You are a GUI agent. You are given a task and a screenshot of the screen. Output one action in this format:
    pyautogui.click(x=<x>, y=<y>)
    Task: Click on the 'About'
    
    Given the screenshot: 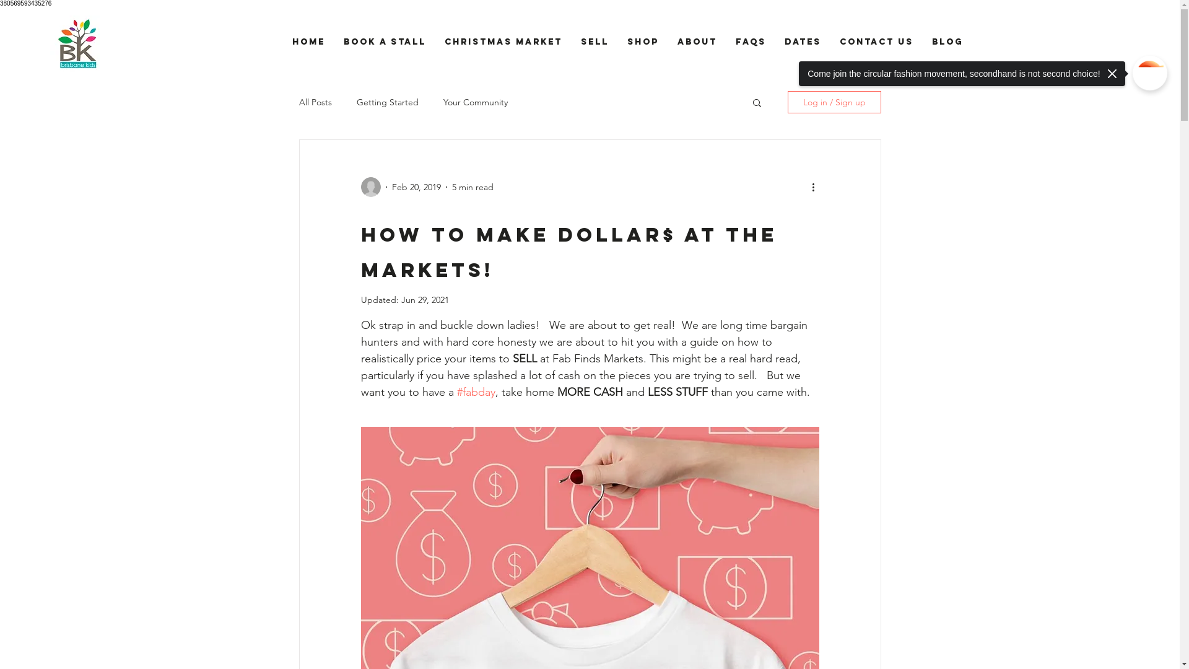 What is the action you would take?
    pyautogui.click(x=696, y=42)
    